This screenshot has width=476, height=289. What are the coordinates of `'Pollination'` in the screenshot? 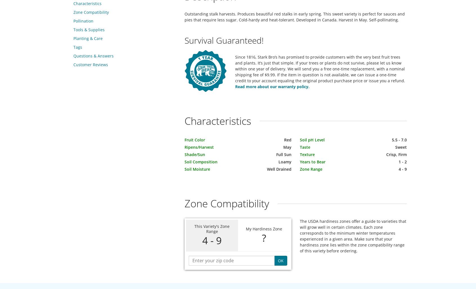 It's located at (73, 21).